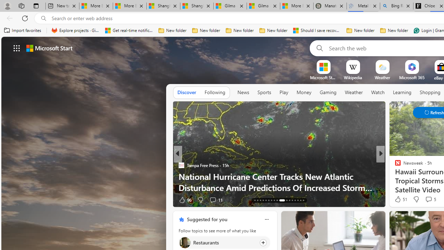  What do you see at coordinates (395, 165) in the screenshot?
I see `'Lifehacker'` at bounding box center [395, 165].